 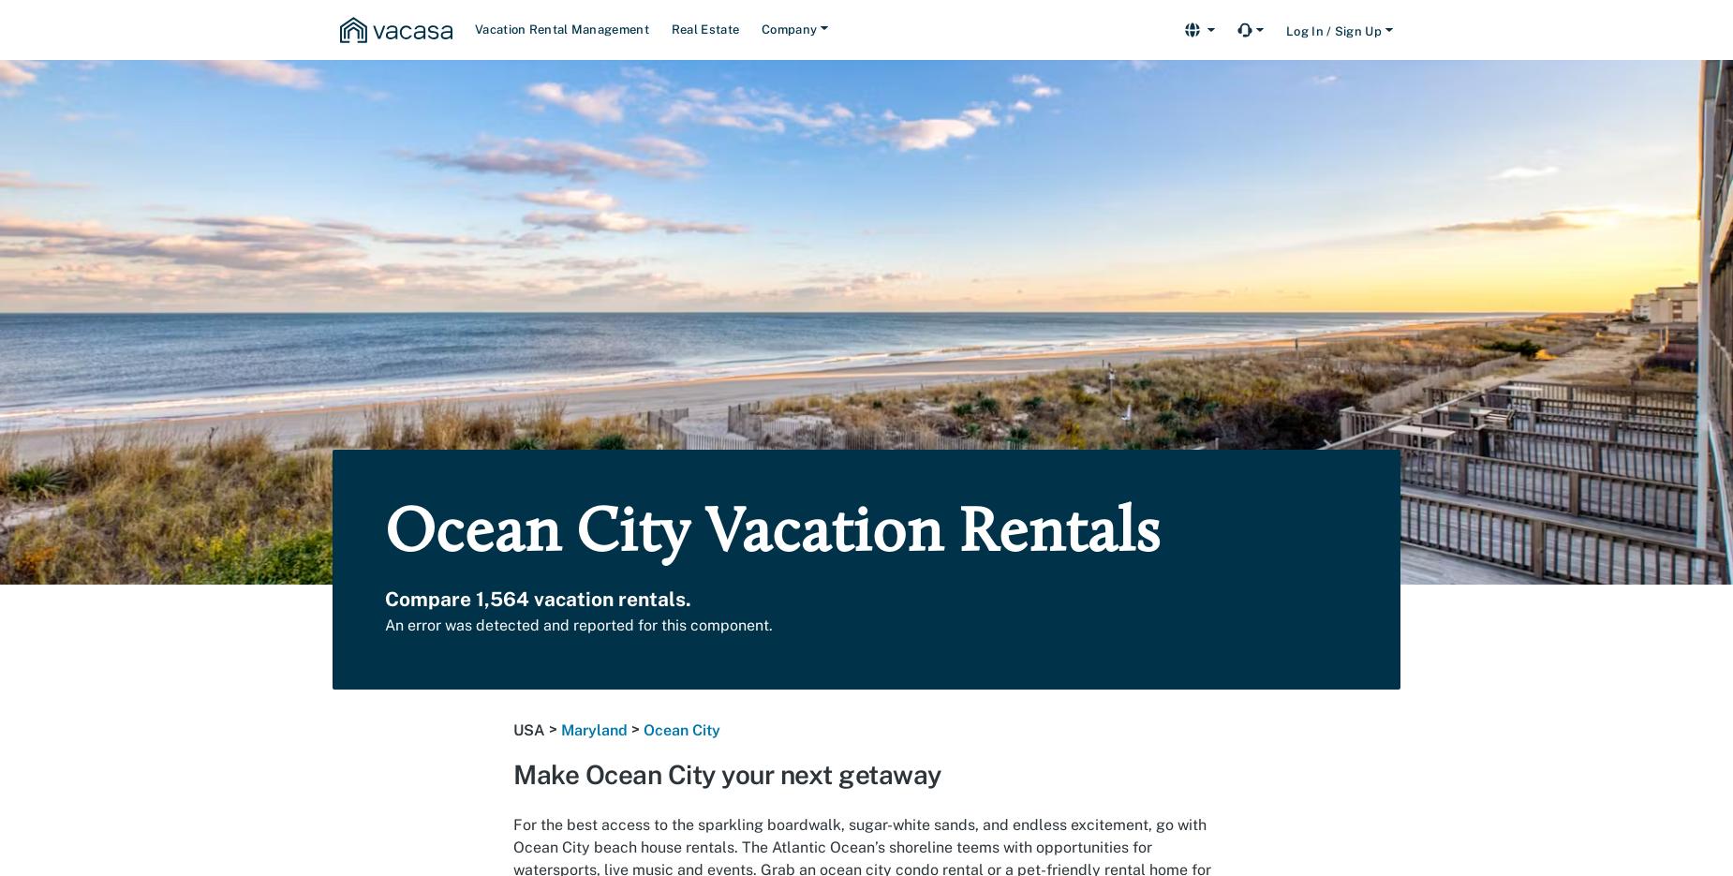 What do you see at coordinates (538, 599) in the screenshot?
I see `'Compare 1,564 vacation rentals.'` at bounding box center [538, 599].